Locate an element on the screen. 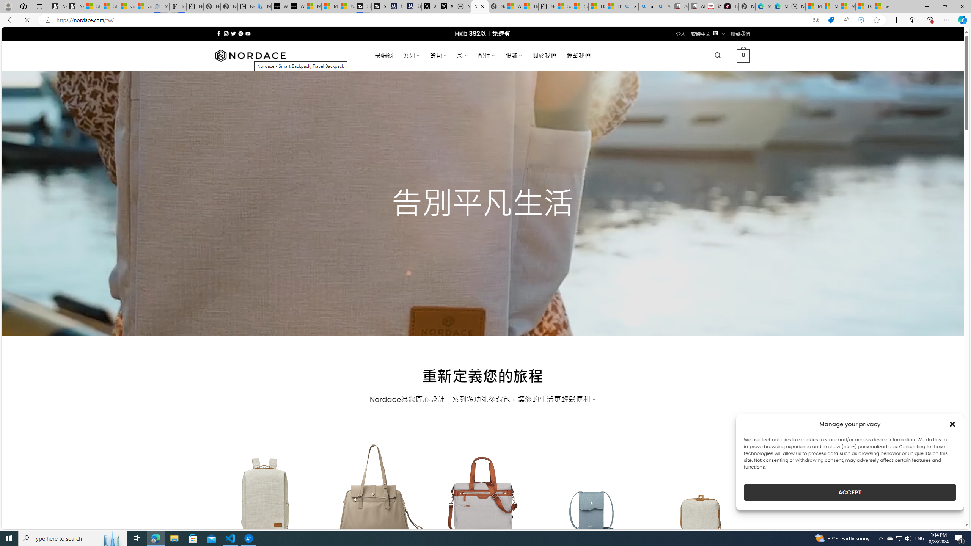 The width and height of the screenshot is (971, 546). 'Streaming Coverage | T3' is located at coordinates (363, 6).